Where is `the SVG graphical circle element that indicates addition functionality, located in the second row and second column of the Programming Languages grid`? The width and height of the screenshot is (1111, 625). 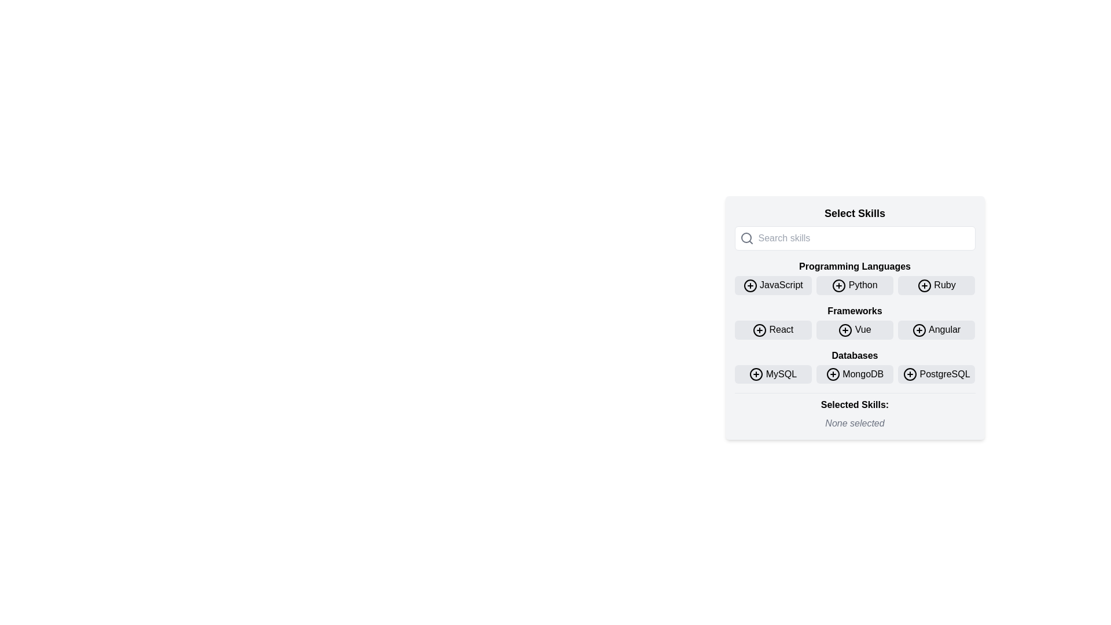 the SVG graphical circle element that indicates addition functionality, located in the second row and second column of the Programming Languages grid is located at coordinates (839, 285).